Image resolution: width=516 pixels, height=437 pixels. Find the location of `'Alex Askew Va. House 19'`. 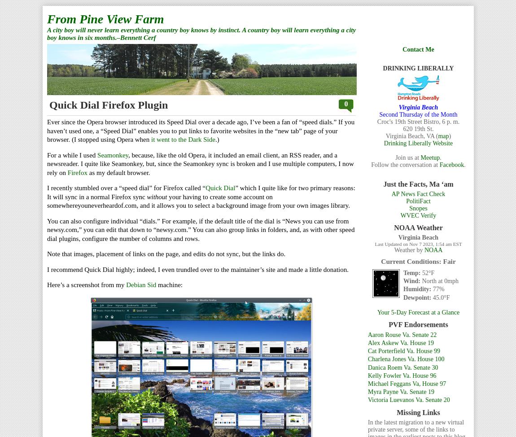

'Alex Askew Va. House 19' is located at coordinates (367, 342).